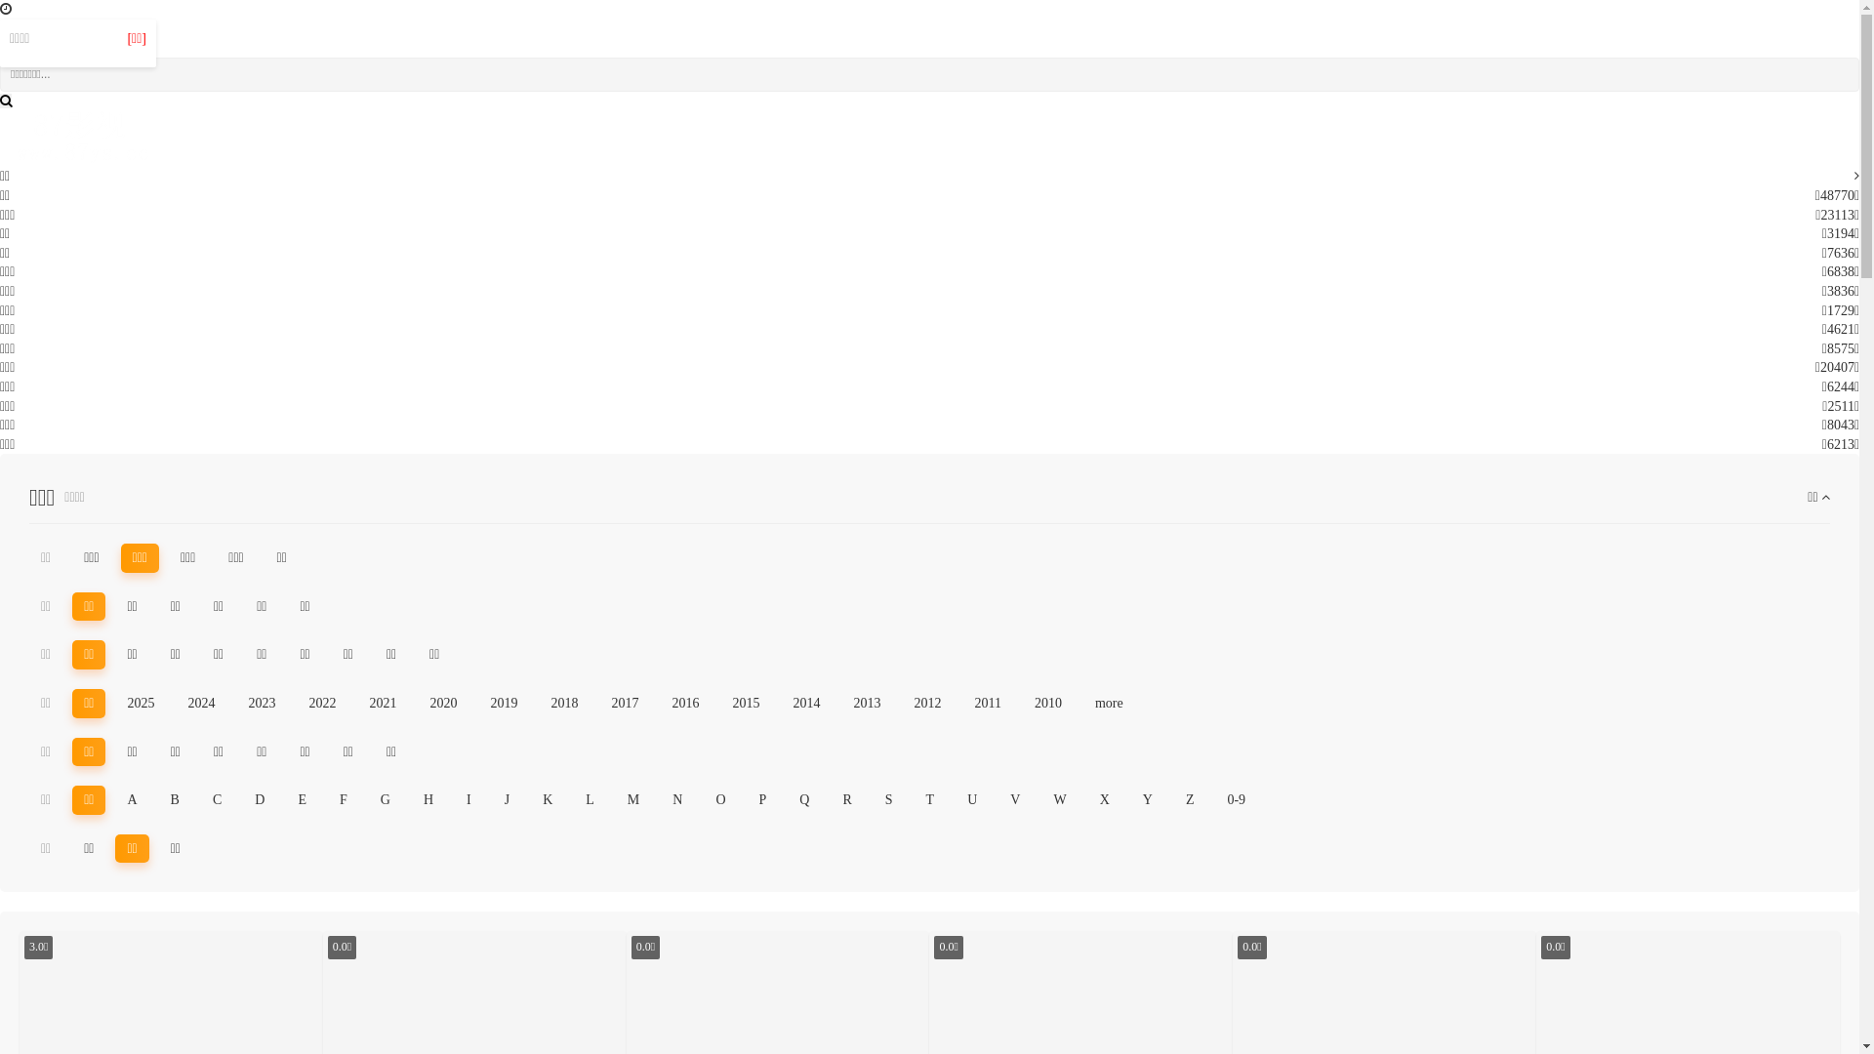 The width and height of the screenshot is (1874, 1054). What do you see at coordinates (442, 704) in the screenshot?
I see `'2020'` at bounding box center [442, 704].